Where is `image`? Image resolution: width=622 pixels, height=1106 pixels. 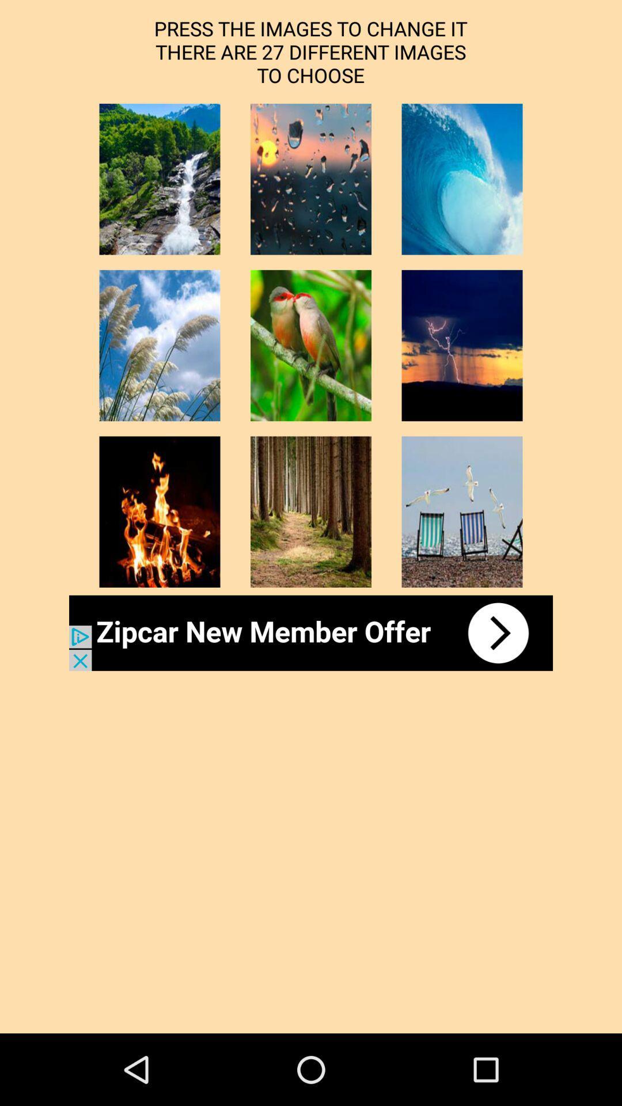
image is located at coordinates (160, 179).